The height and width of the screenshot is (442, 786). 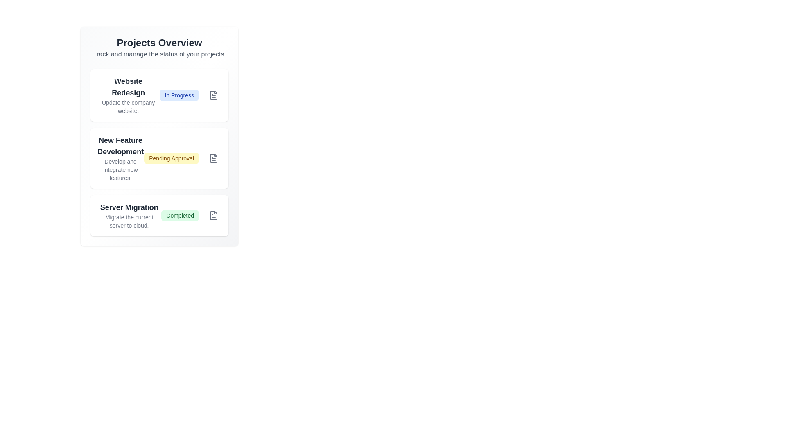 What do you see at coordinates (180, 215) in the screenshot?
I see `the project associated with the status badge Completed` at bounding box center [180, 215].